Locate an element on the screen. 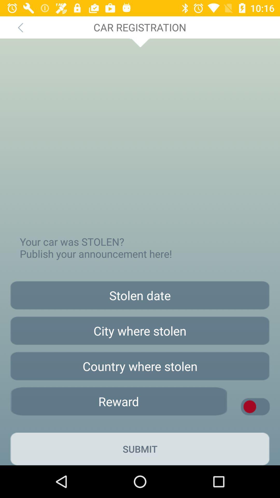 This screenshot has width=280, height=498. reward is located at coordinates (118, 401).